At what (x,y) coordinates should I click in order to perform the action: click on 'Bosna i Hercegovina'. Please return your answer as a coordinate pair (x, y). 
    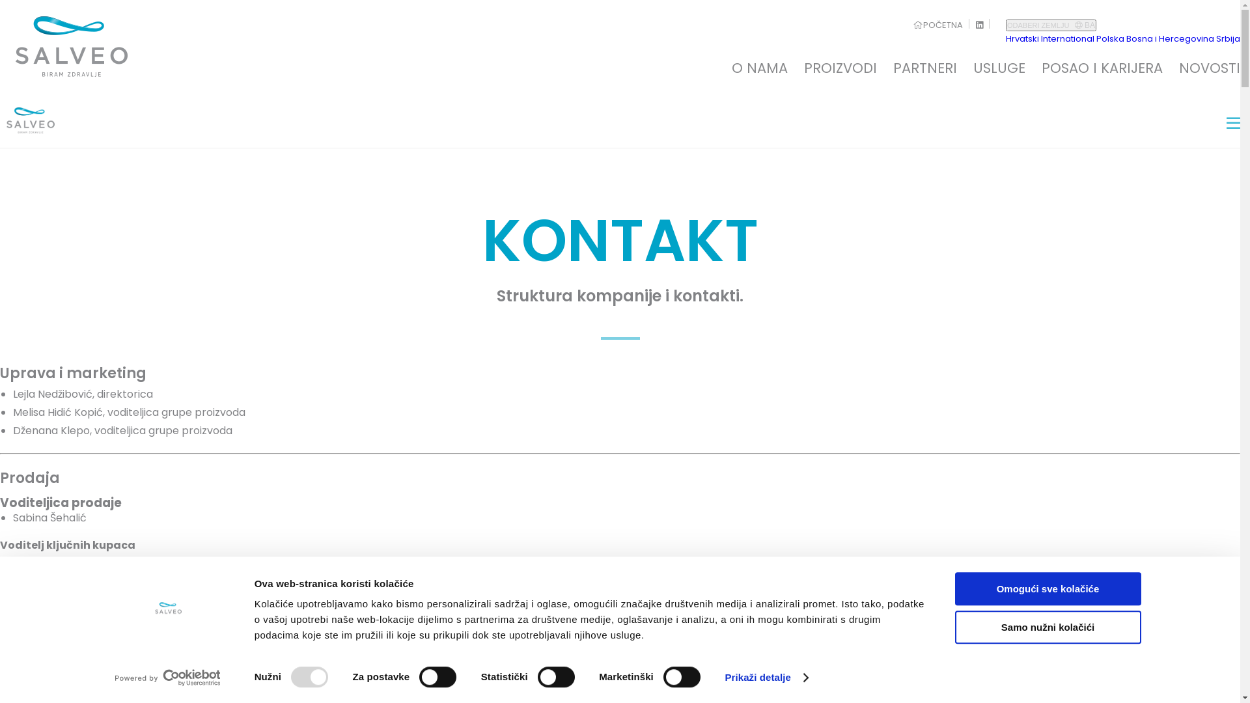
    Looking at the image, I should click on (1170, 38).